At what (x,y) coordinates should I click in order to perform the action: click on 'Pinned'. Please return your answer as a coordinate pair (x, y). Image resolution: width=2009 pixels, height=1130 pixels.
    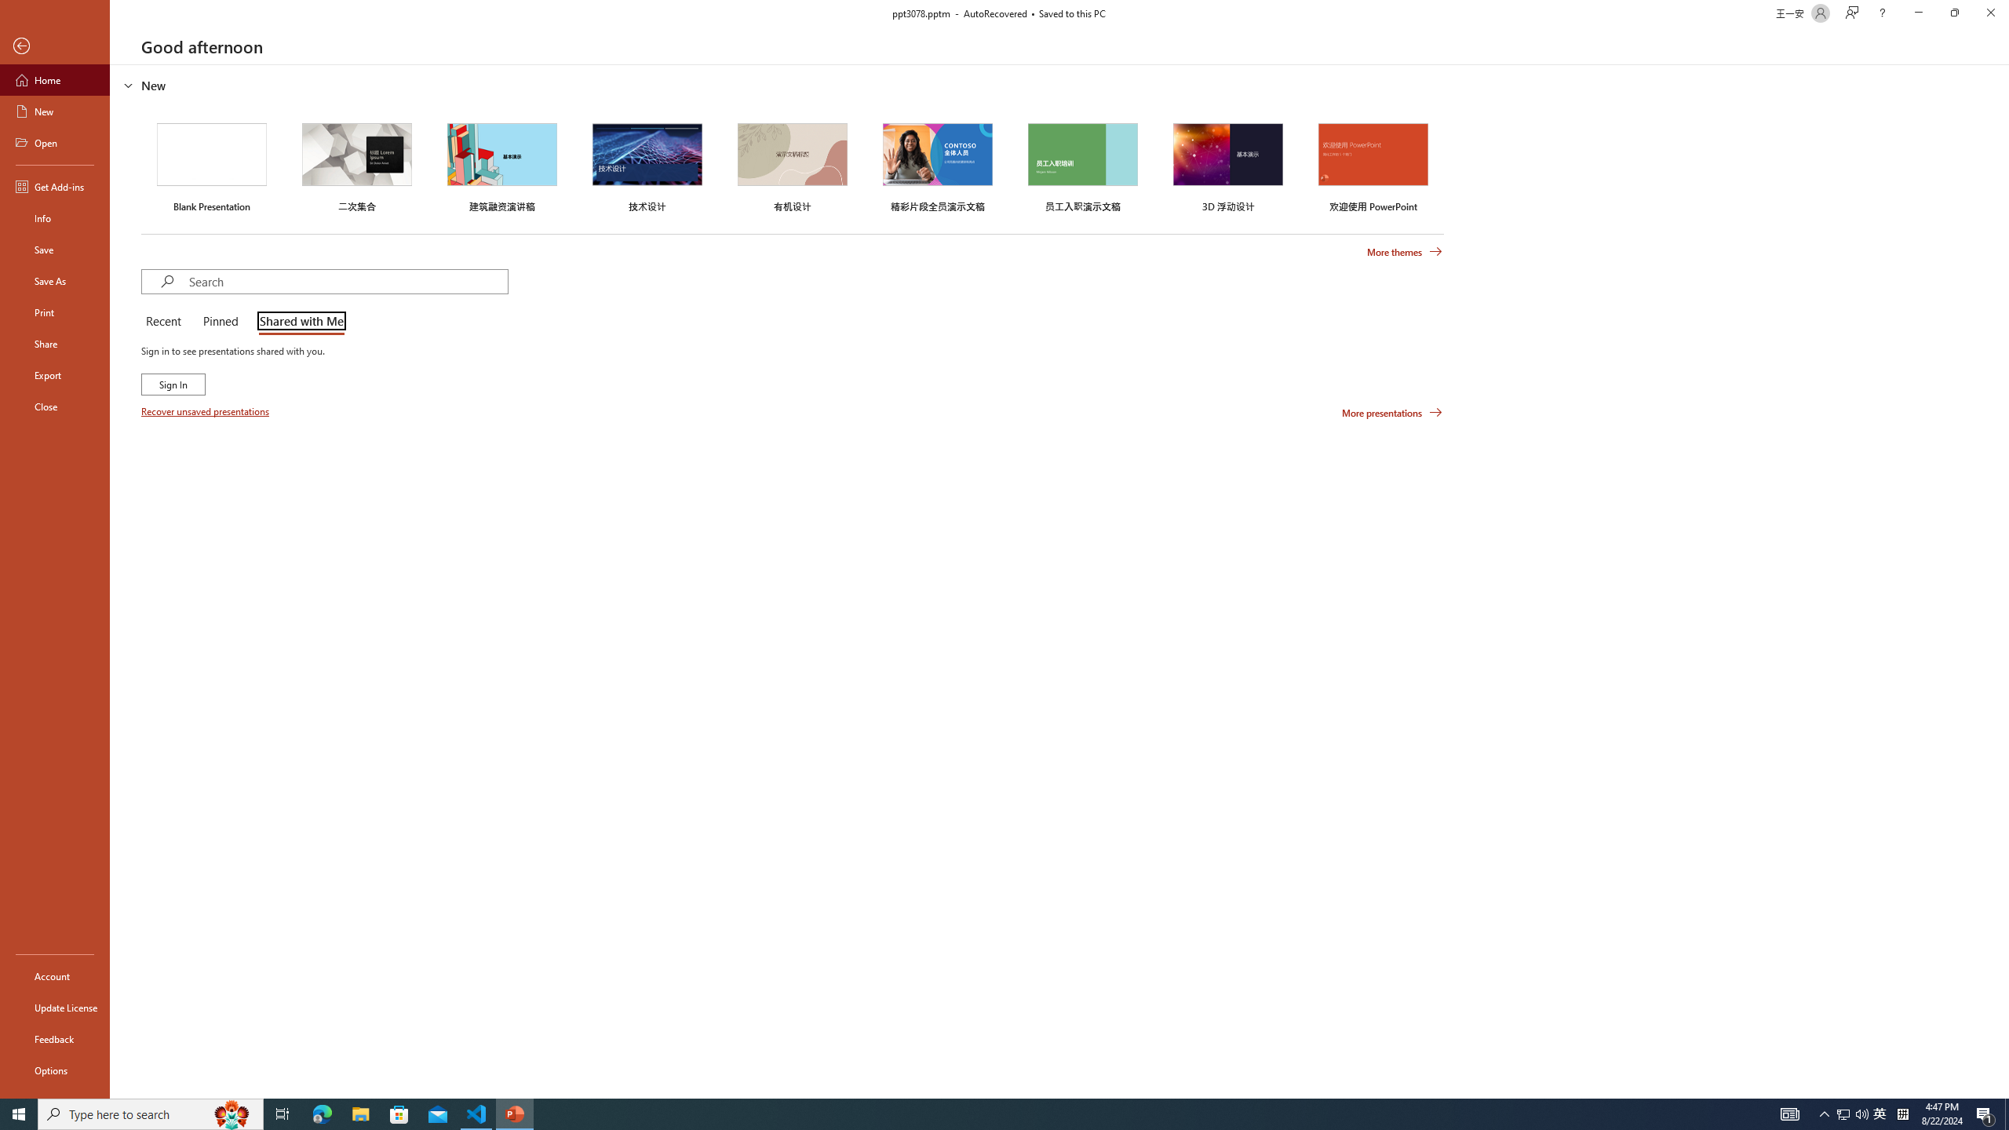
    Looking at the image, I should click on (220, 322).